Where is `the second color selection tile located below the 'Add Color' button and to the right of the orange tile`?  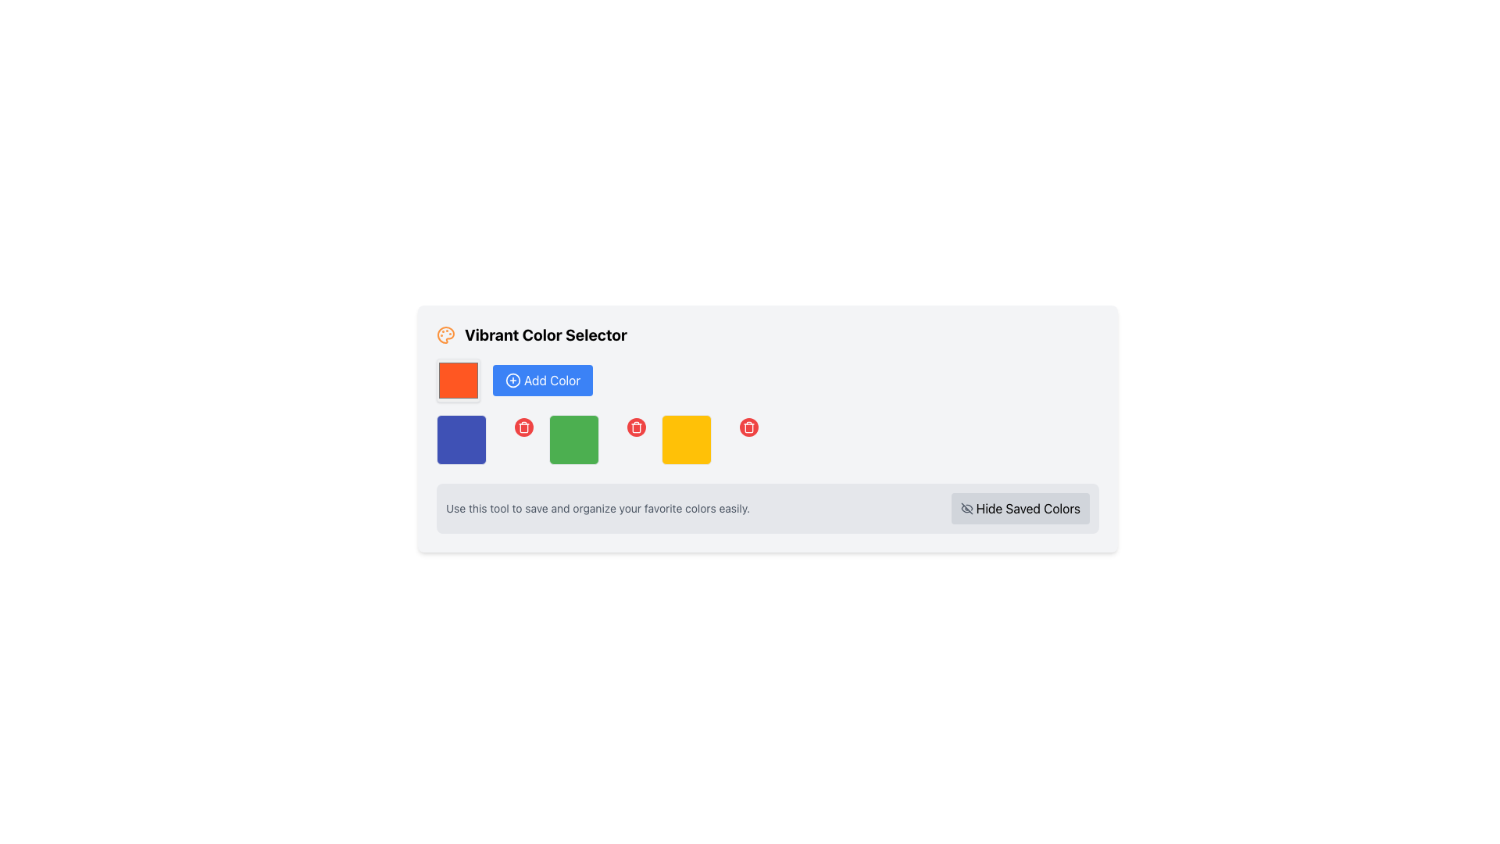 the second color selection tile located below the 'Add Color' button and to the right of the orange tile is located at coordinates (460, 440).